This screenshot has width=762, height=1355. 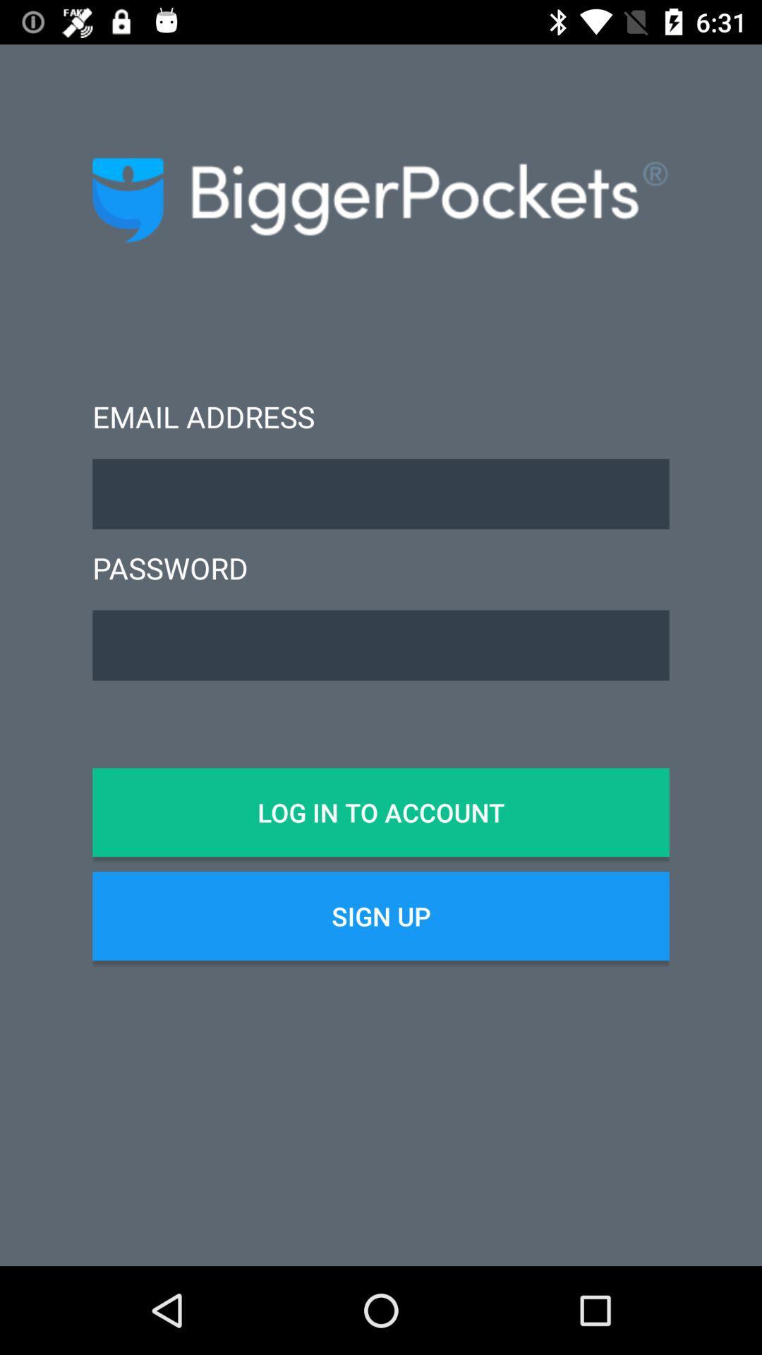 What do you see at coordinates (381, 916) in the screenshot?
I see `sign up icon` at bounding box center [381, 916].